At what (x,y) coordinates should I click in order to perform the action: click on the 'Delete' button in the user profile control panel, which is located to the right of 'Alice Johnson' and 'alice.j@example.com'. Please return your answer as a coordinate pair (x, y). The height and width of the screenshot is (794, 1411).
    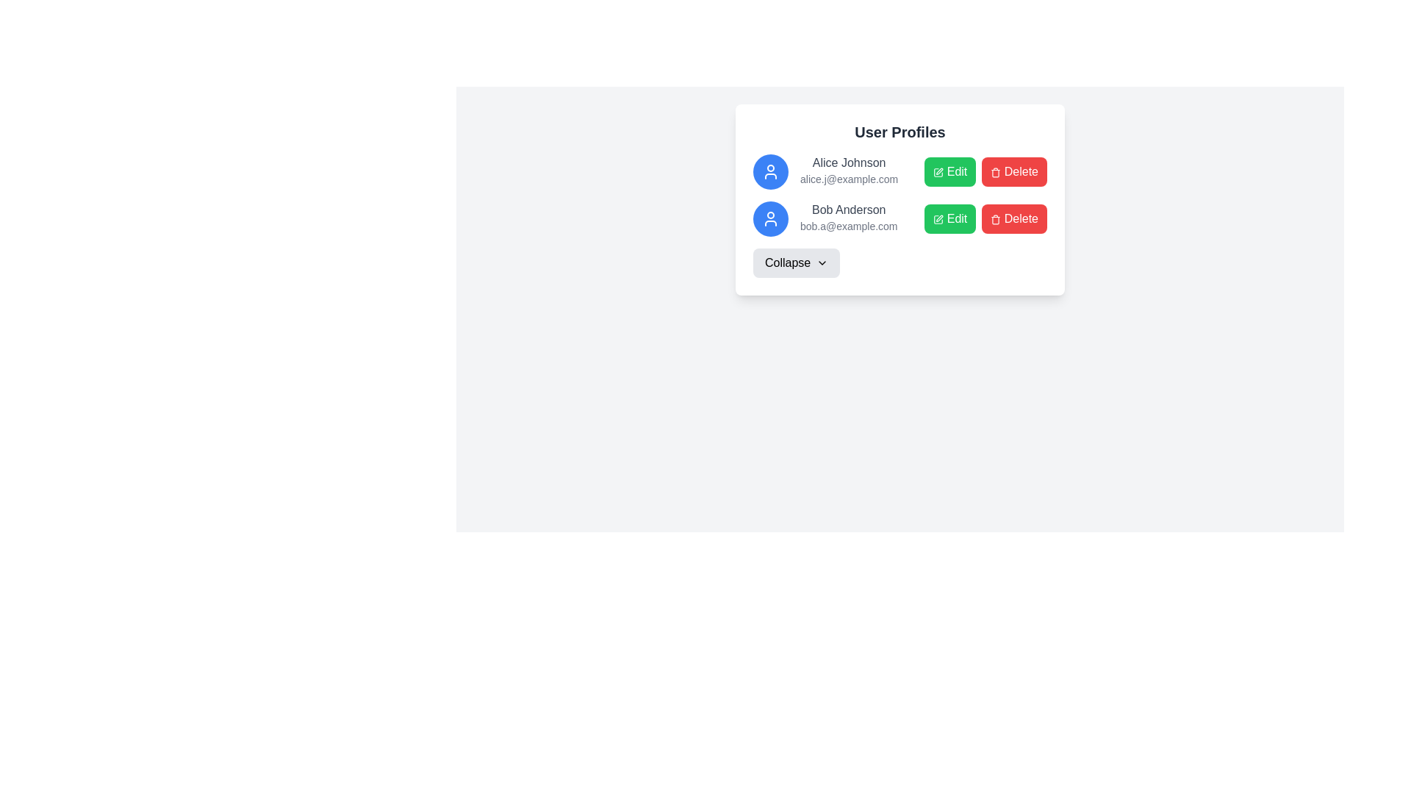
    Looking at the image, I should click on (985, 171).